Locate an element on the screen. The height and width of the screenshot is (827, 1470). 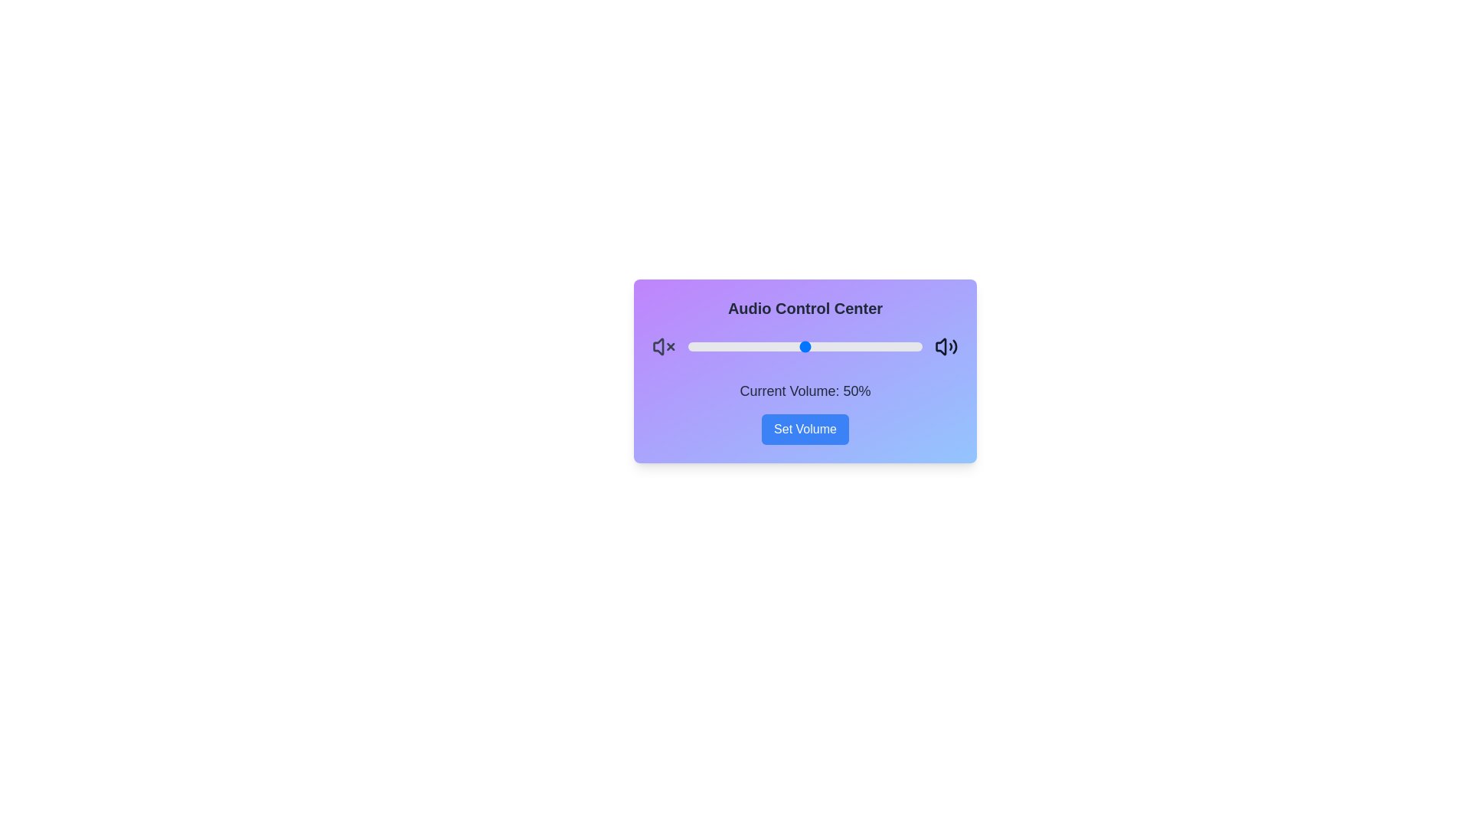
the volume slider to set the volume to 86% is located at coordinates (890, 346).